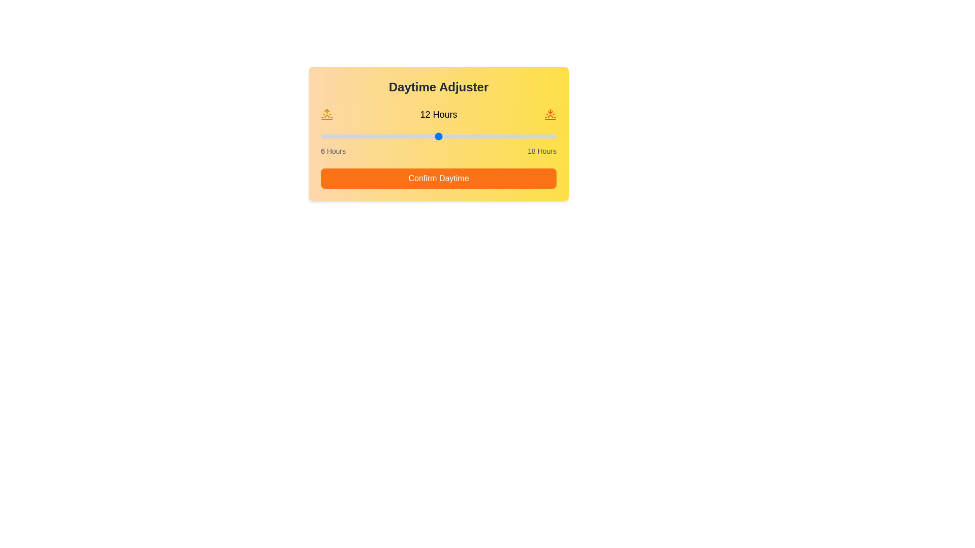 Image resolution: width=975 pixels, height=548 pixels. Describe the element at coordinates (439, 178) in the screenshot. I see `the 'Confirm Daytime' button` at that location.